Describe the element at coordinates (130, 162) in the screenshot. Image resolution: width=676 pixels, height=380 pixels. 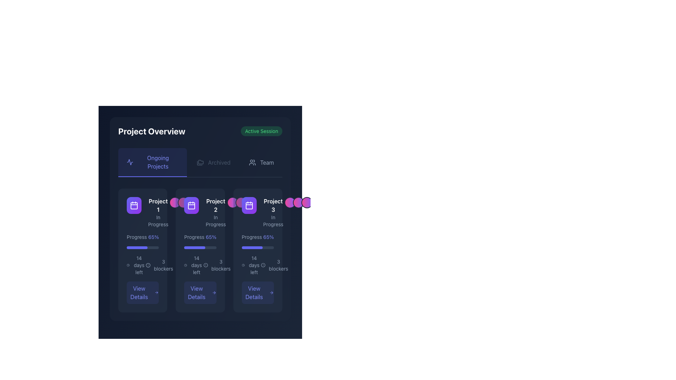
I see `the icon indicating 'Ongoing Projects' which is positioned on the left side of its section header, immediately before the text 'Ongoing Projects'` at that location.